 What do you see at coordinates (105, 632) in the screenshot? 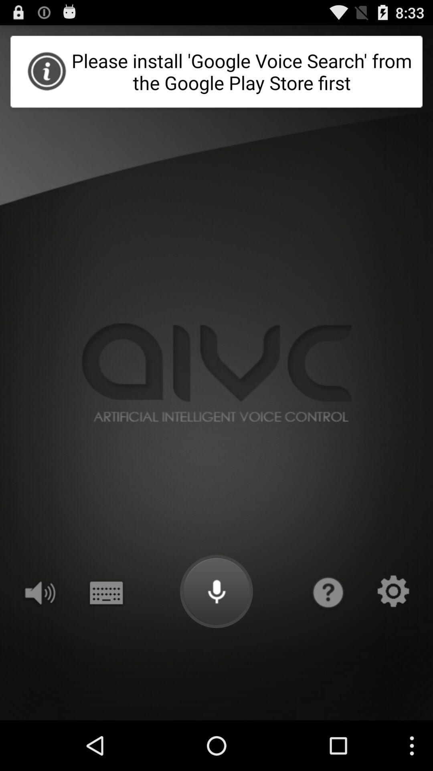
I see `the date_range icon` at bounding box center [105, 632].